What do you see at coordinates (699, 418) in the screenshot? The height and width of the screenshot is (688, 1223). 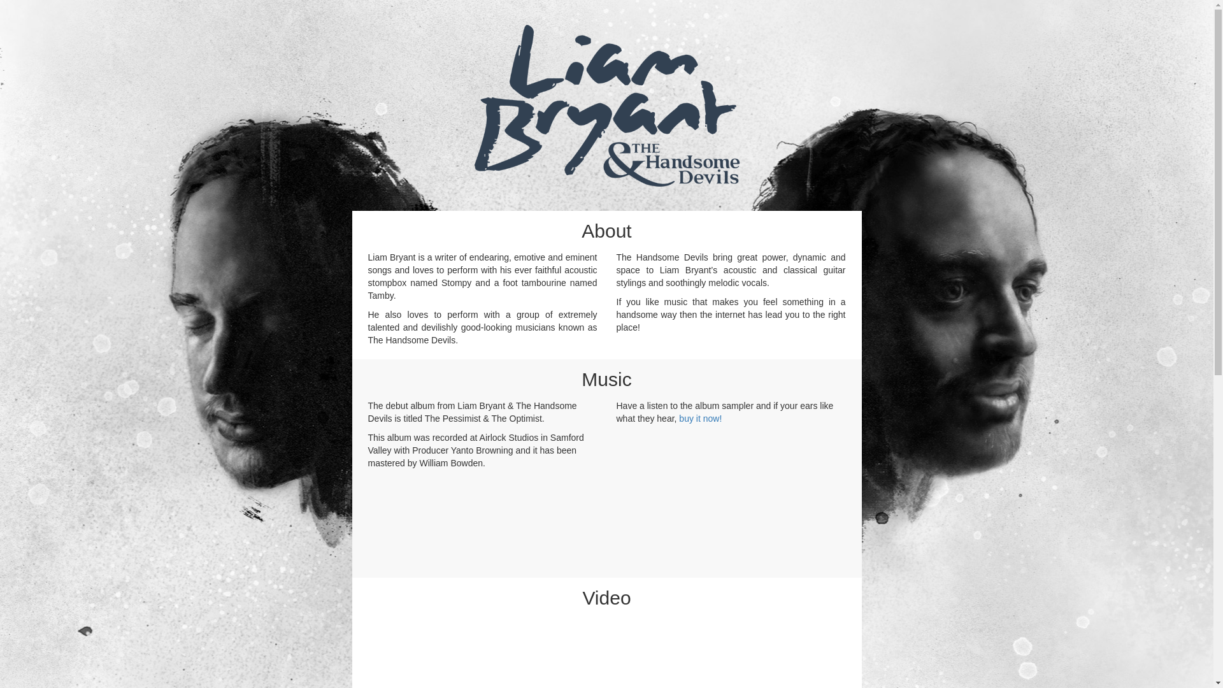 I see `'buy it now!'` at bounding box center [699, 418].